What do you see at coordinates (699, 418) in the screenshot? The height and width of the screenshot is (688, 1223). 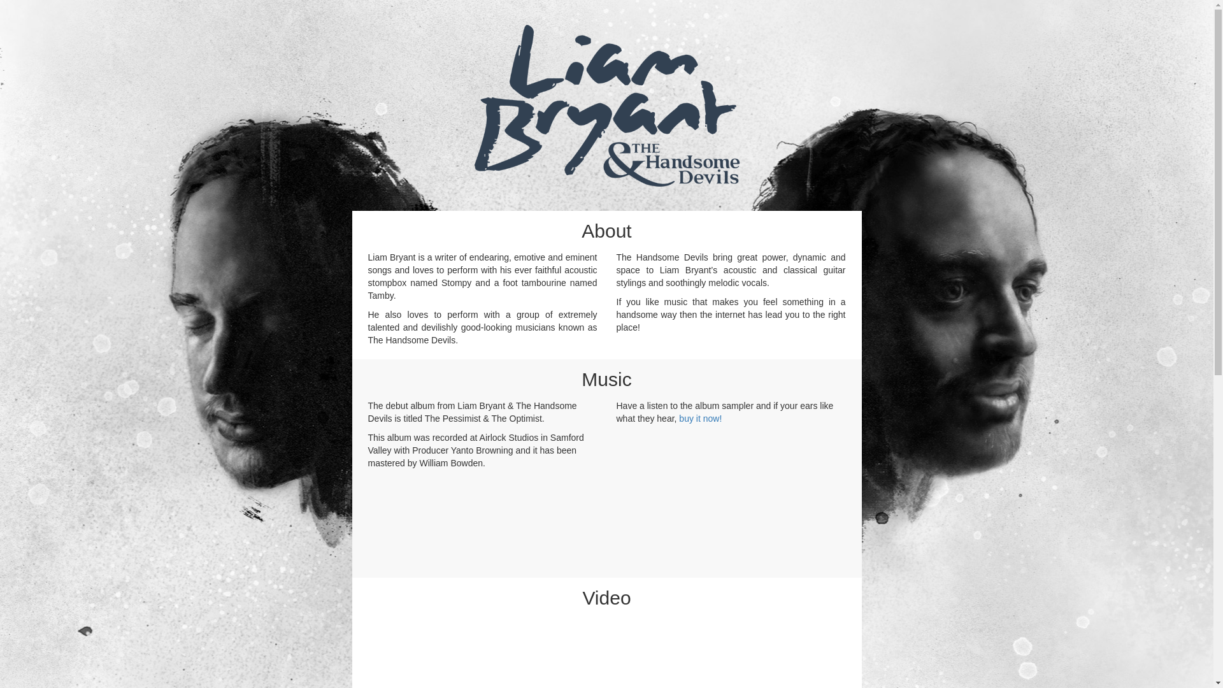 I see `'buy it now!'` at bounding box center [699, 418].